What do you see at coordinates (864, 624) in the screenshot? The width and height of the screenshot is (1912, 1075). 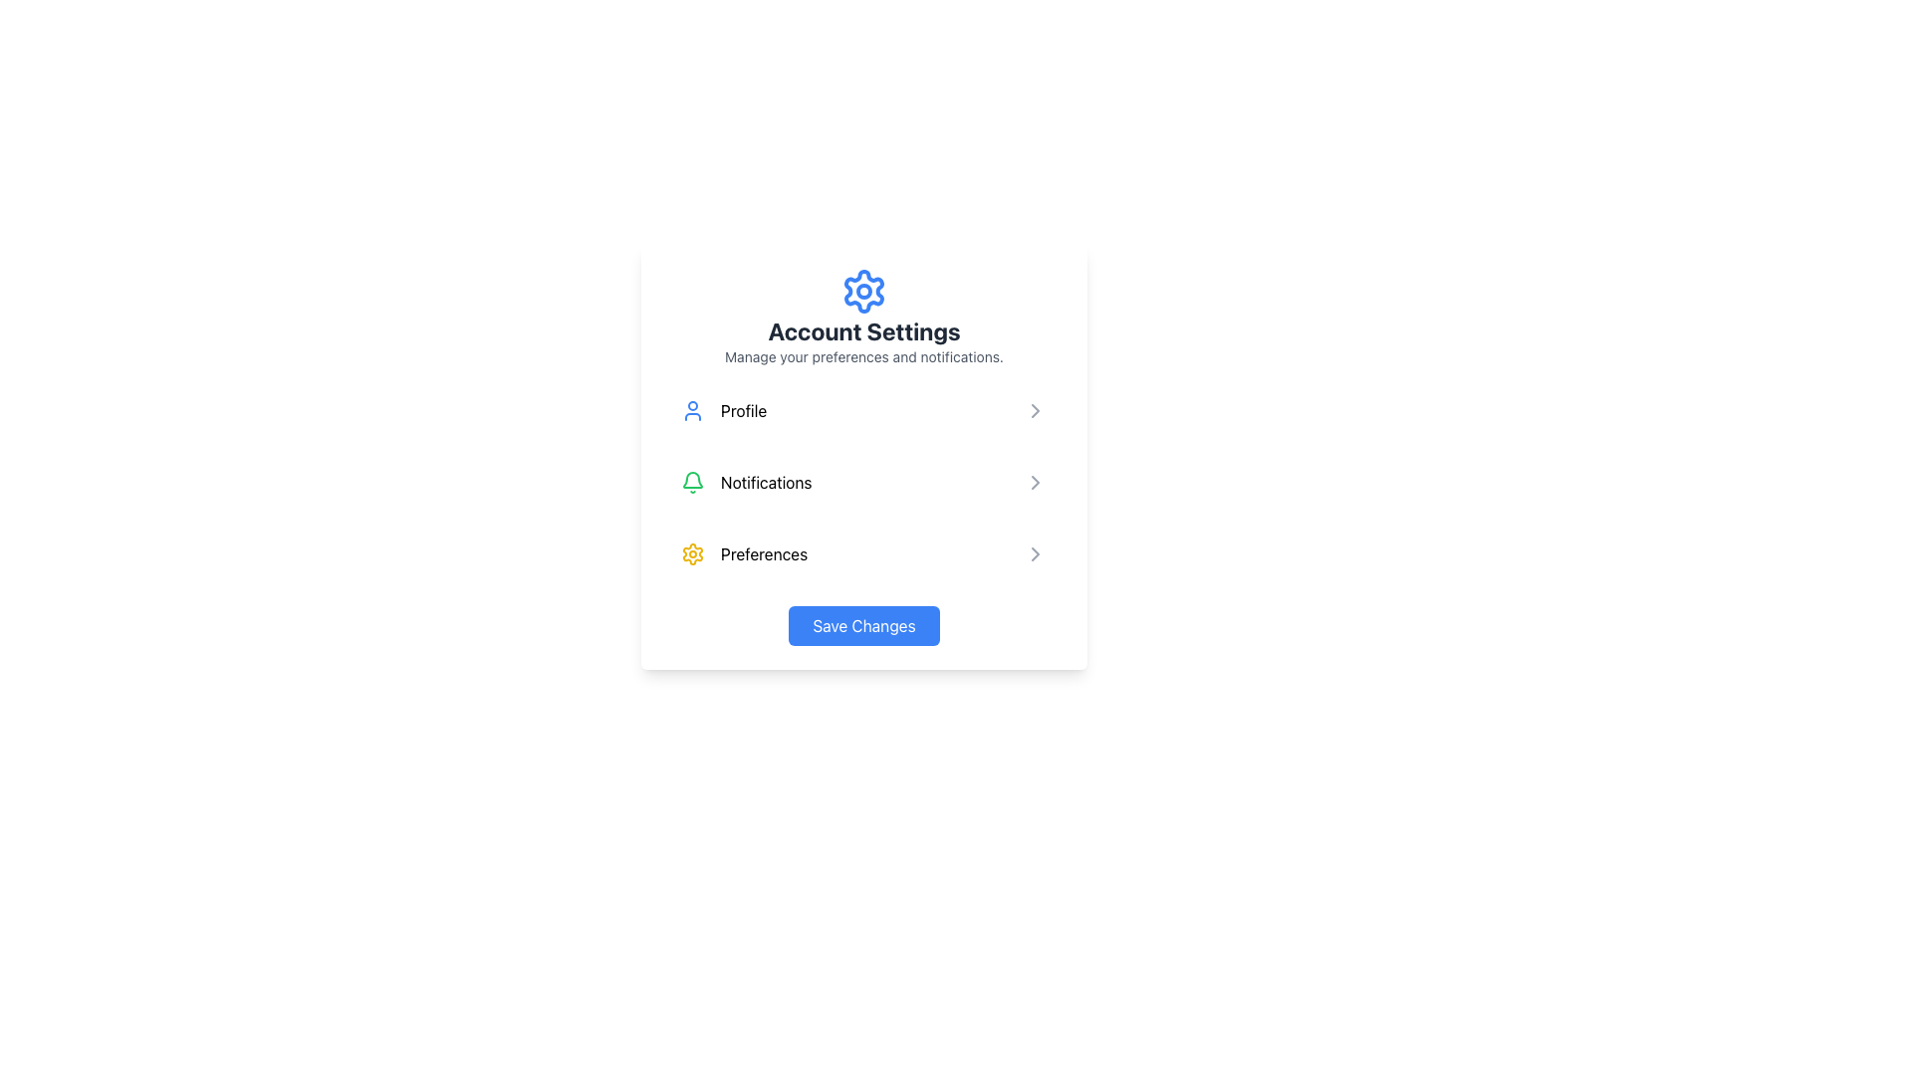 I see `the save changes button located at the bottom center of the panel, below the 'Preferences' label` at bounding box center [864, 624].